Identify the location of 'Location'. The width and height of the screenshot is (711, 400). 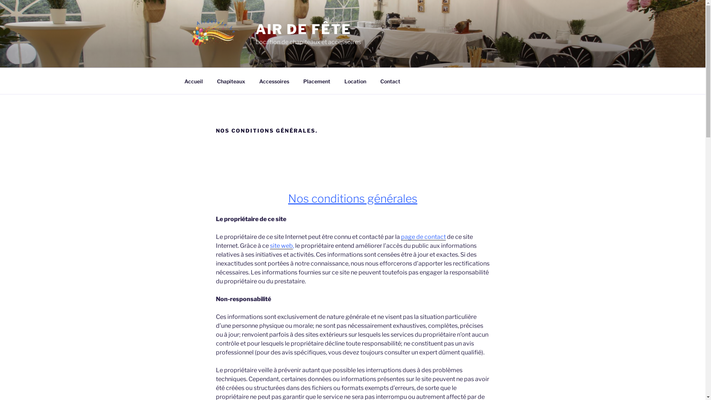
(355, 81).